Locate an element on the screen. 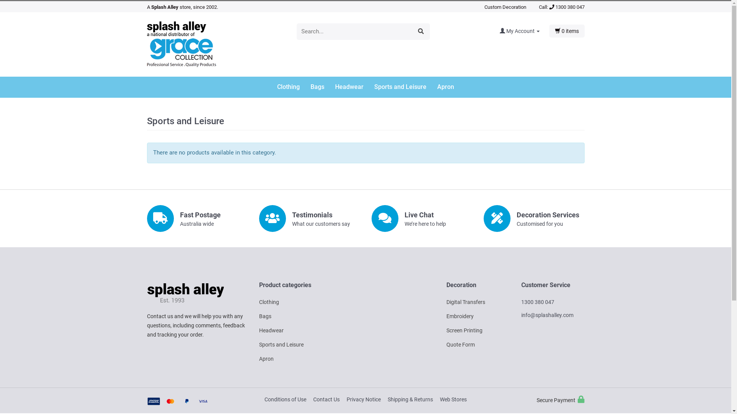 This screenshot has height=414, width=737. 'Sports and Leisure' is located at coordinates (281, 344).